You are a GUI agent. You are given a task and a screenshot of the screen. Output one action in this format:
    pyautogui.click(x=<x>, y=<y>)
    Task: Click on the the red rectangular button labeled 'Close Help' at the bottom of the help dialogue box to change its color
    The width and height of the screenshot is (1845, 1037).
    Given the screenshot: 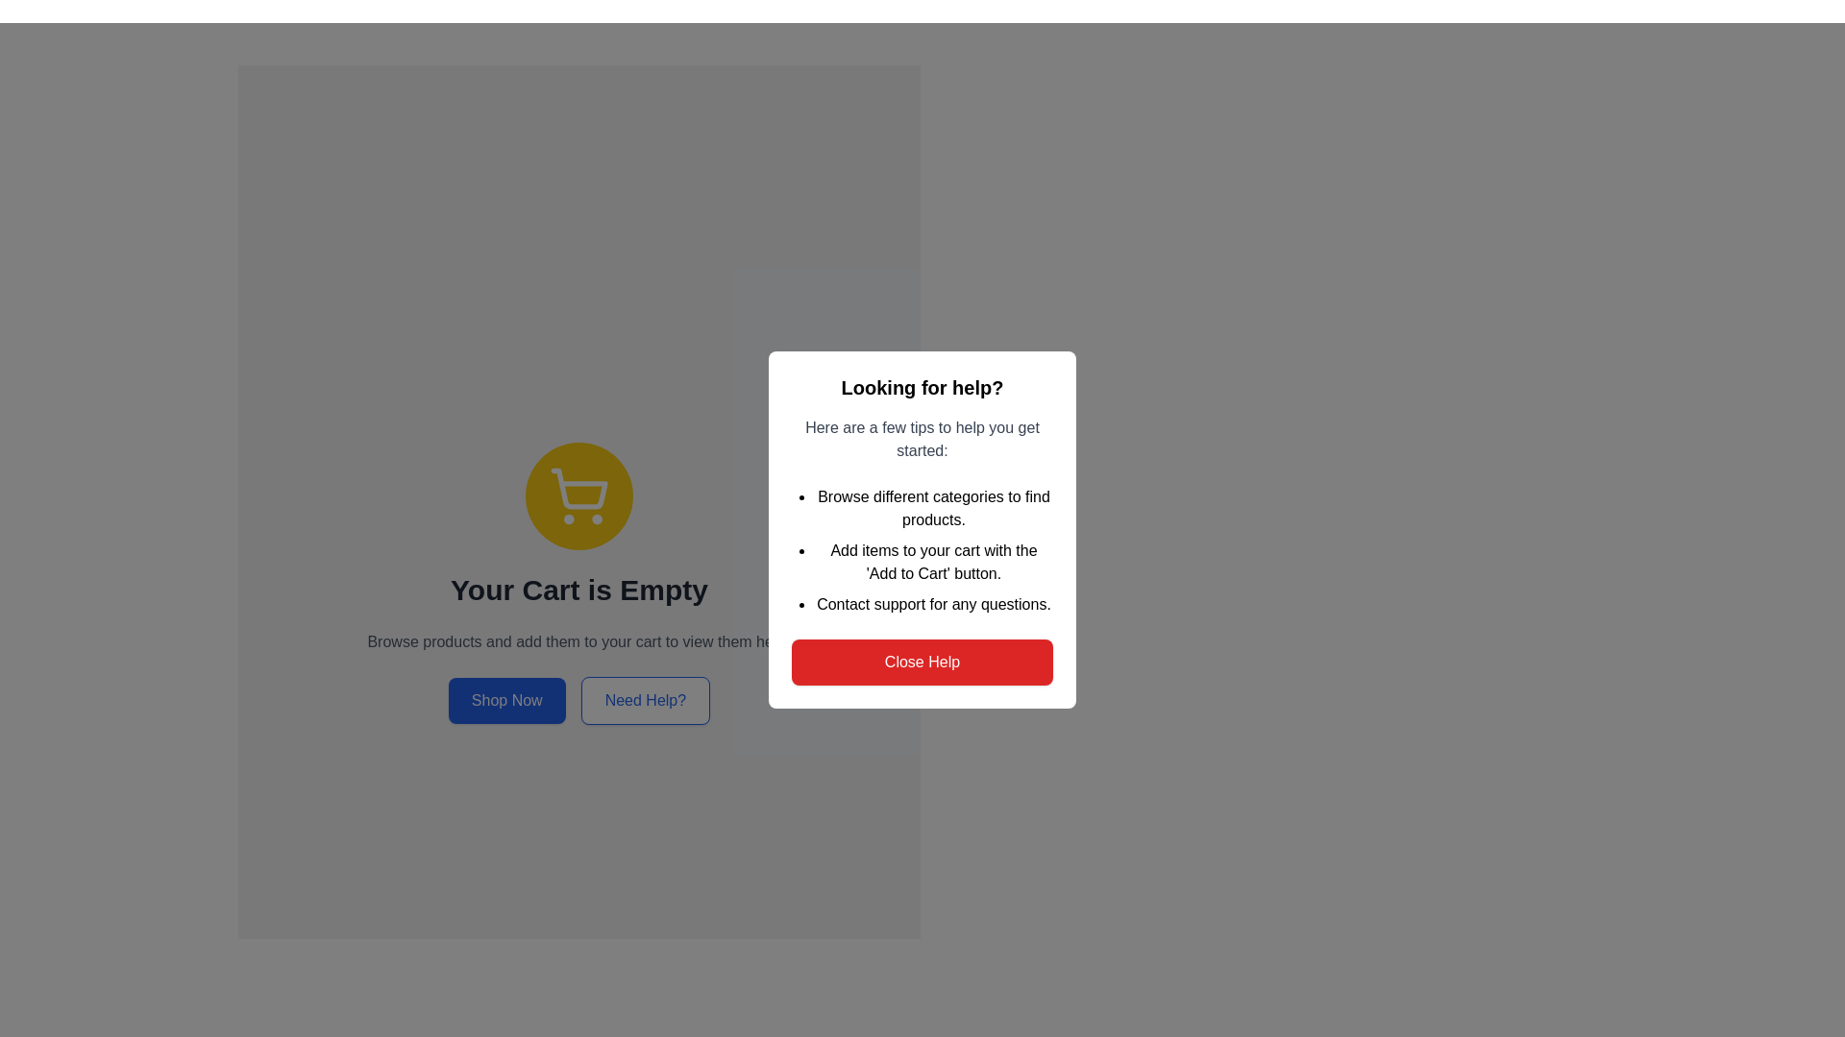 What is the action you would take?
    pyautogui.click(x=922, y=662)
    